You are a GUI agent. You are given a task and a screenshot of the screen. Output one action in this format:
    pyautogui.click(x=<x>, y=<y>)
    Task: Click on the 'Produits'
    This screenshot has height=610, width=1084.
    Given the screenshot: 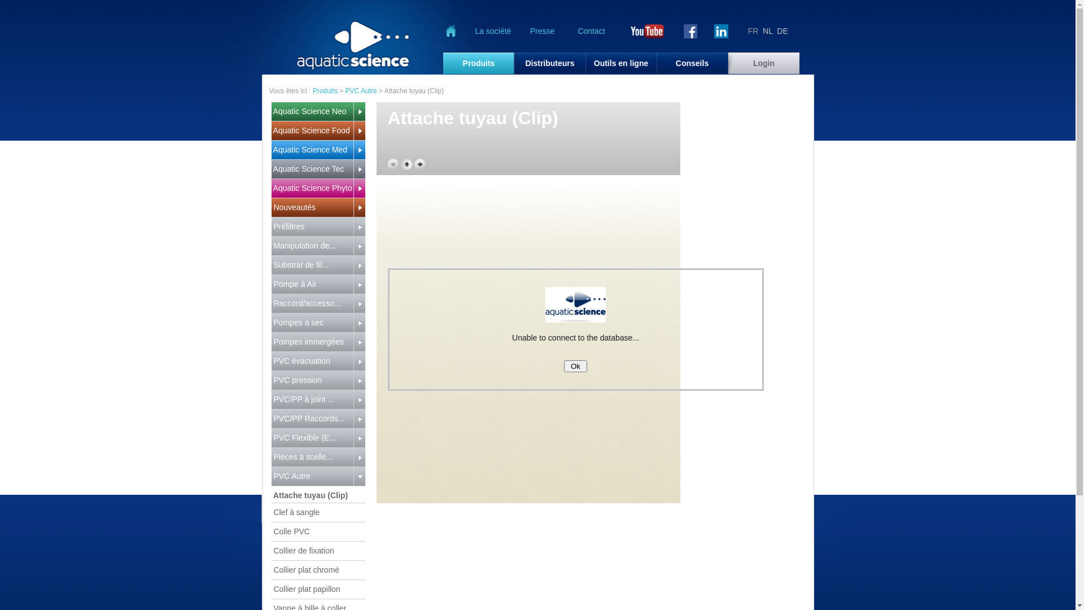 What is the action you would take?
    pyautogui.click(x=479, y=63)
    